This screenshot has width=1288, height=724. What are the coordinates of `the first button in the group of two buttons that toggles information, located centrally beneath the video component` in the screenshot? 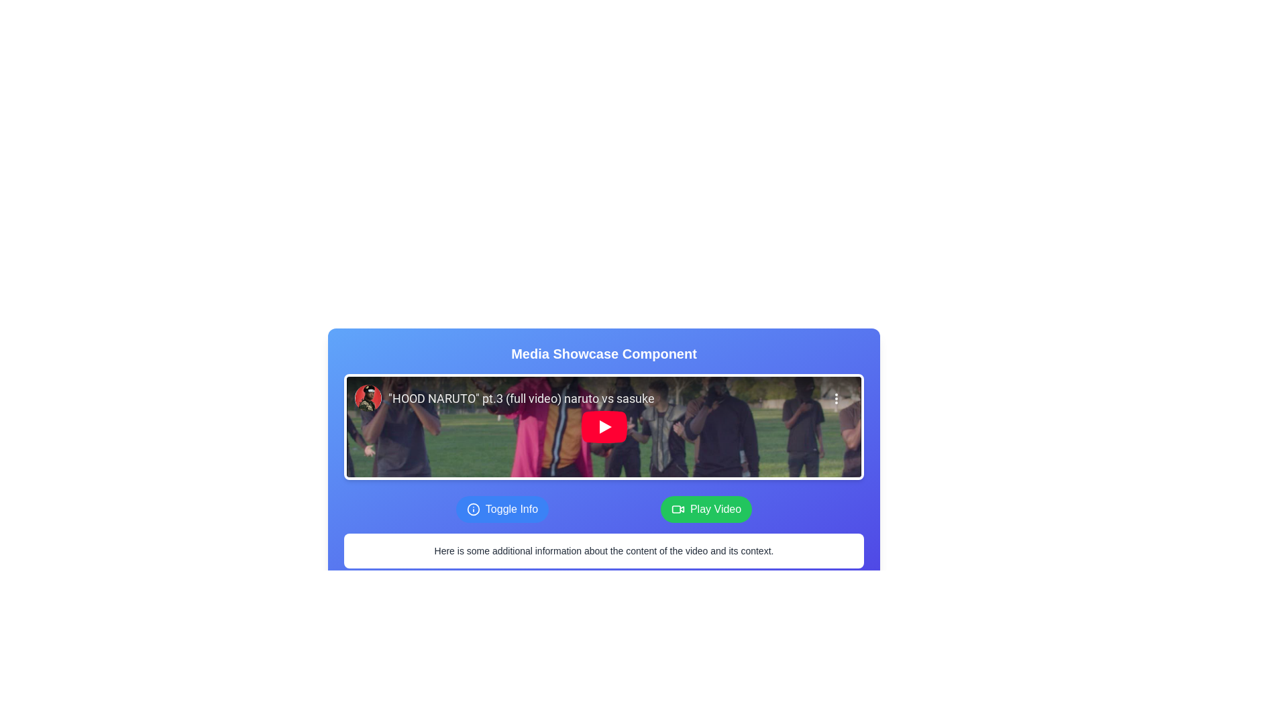 It's located at (603, 509).